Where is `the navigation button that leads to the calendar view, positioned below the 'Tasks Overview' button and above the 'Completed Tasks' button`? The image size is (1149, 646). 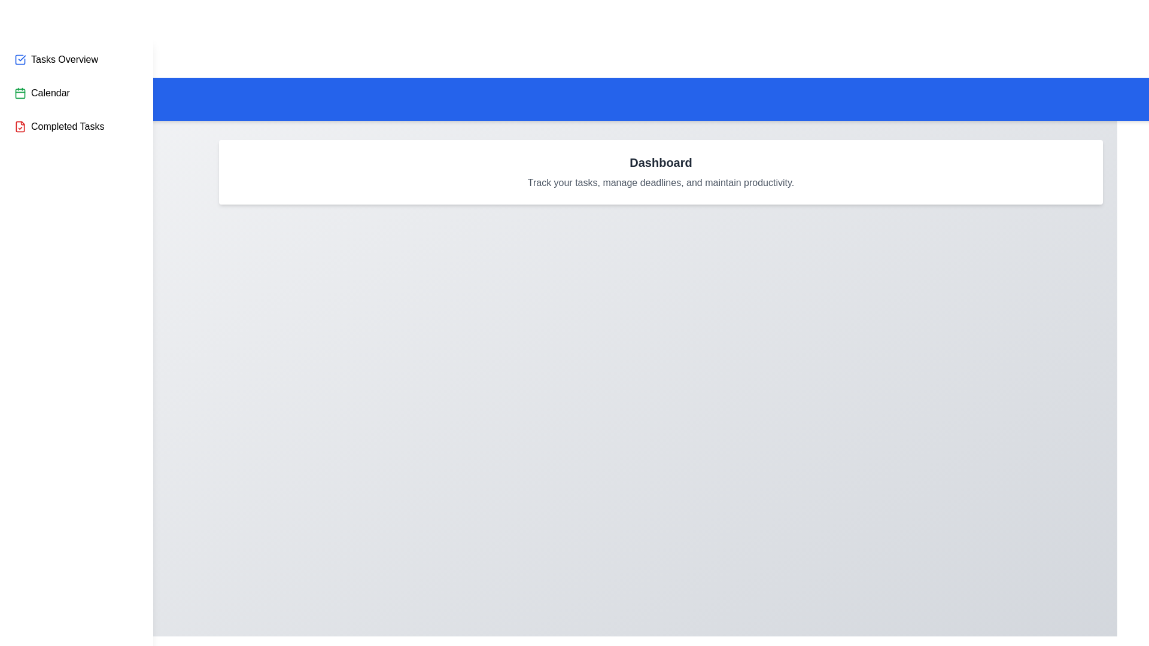 the navigation button that leads to the calendar view, positioned below the 'Tasks Overview' button and above the 'Completed Tasks' button is located at coordinates (42, 92).